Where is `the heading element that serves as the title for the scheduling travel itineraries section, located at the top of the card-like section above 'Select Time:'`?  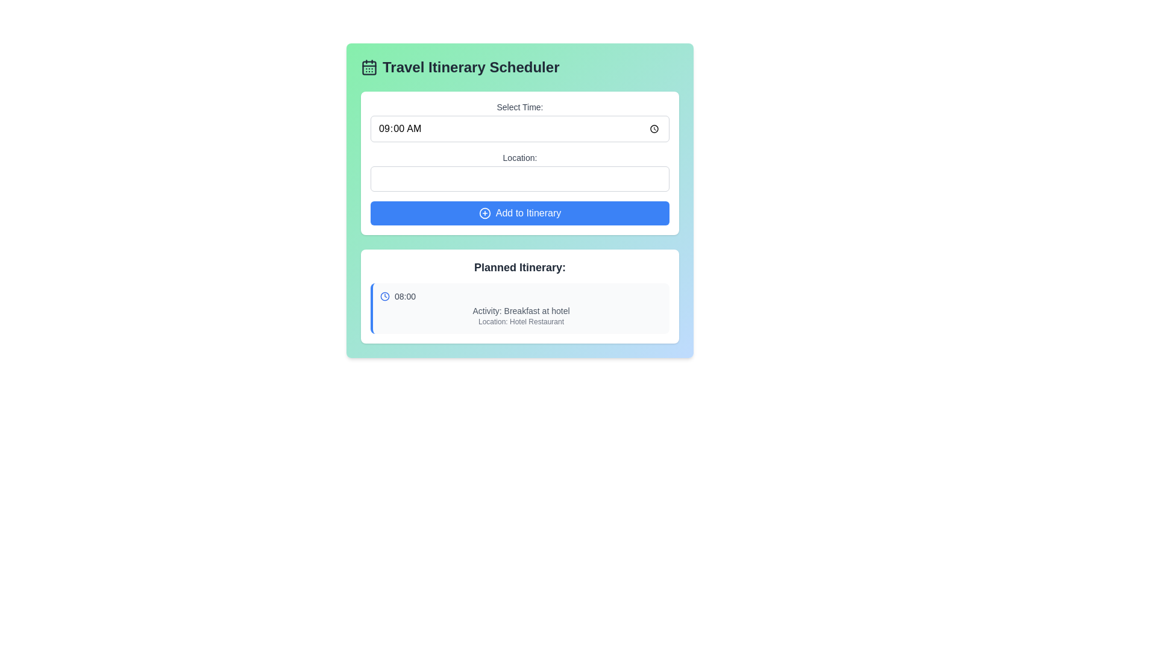
the heading element that serves as the title for the scheduling travel itineraries section, located at the top of the card-like section above 'Select Time:' is located at coordinates (520, 67).